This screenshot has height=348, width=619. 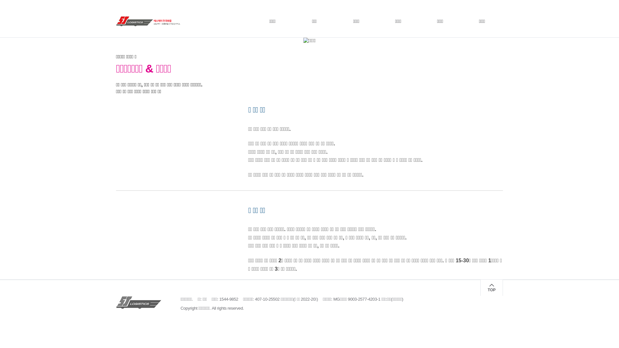 I want to click on 'TOP', so click(x=491, y=287).